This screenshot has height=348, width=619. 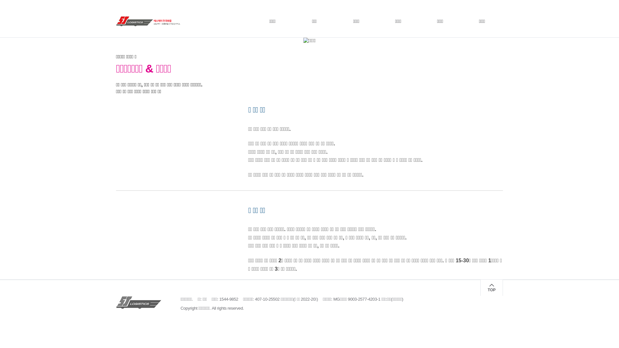 I want to click on 'TOP', so click(x=491, y=287).